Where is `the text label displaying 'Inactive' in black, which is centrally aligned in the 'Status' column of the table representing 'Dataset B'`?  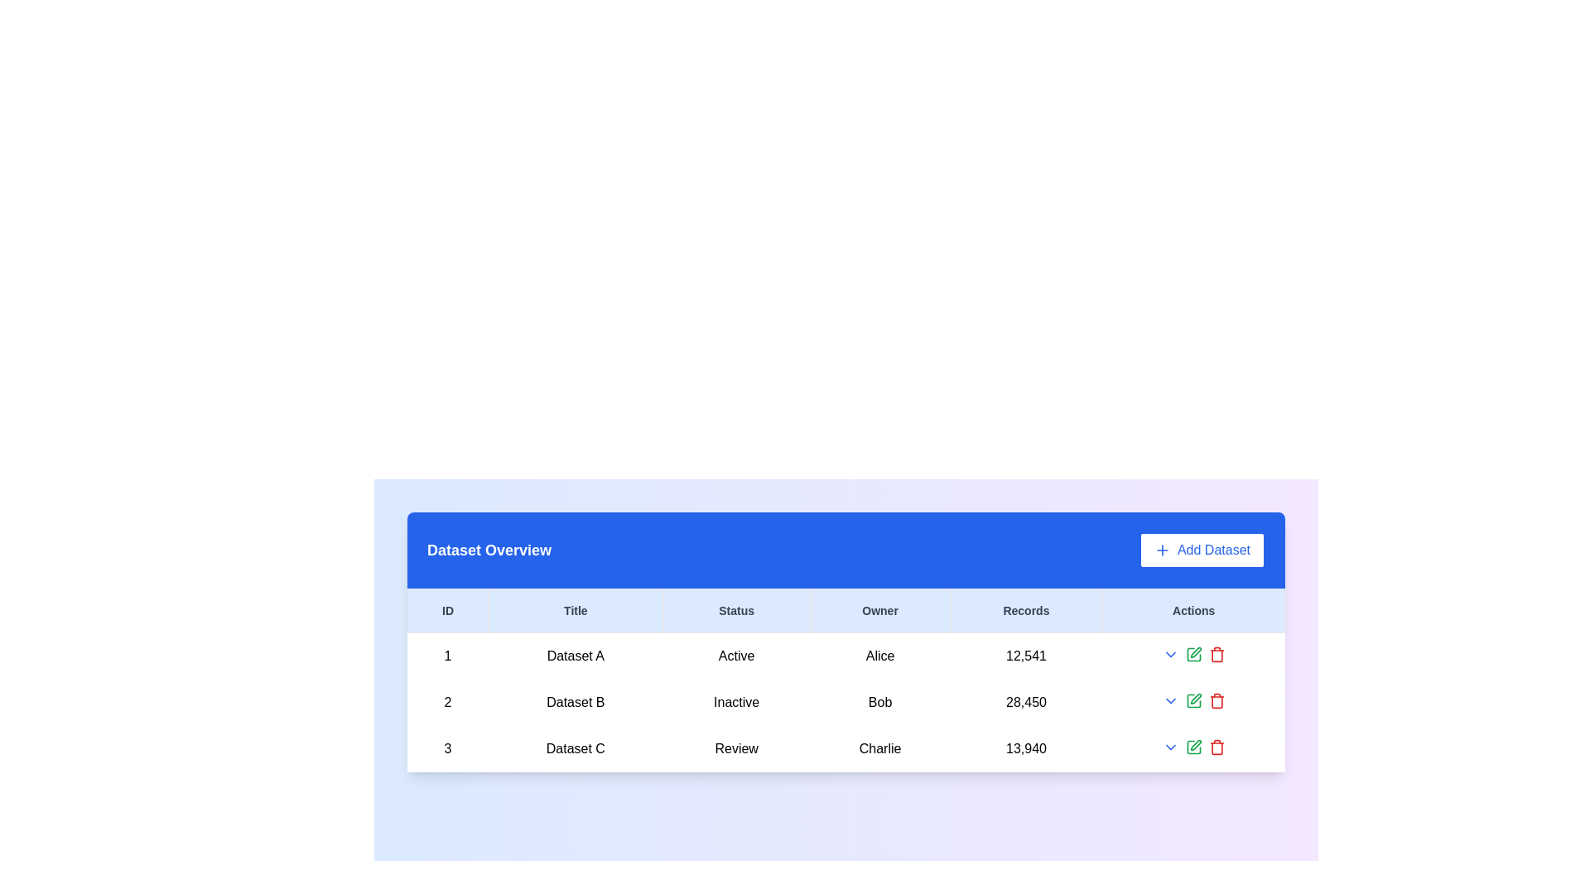 the text label displaying 'Inactive' in black, which is centrally aligned in the 'Status' column of the table representing 'Dataset B' is located at coordinates (735, 702).